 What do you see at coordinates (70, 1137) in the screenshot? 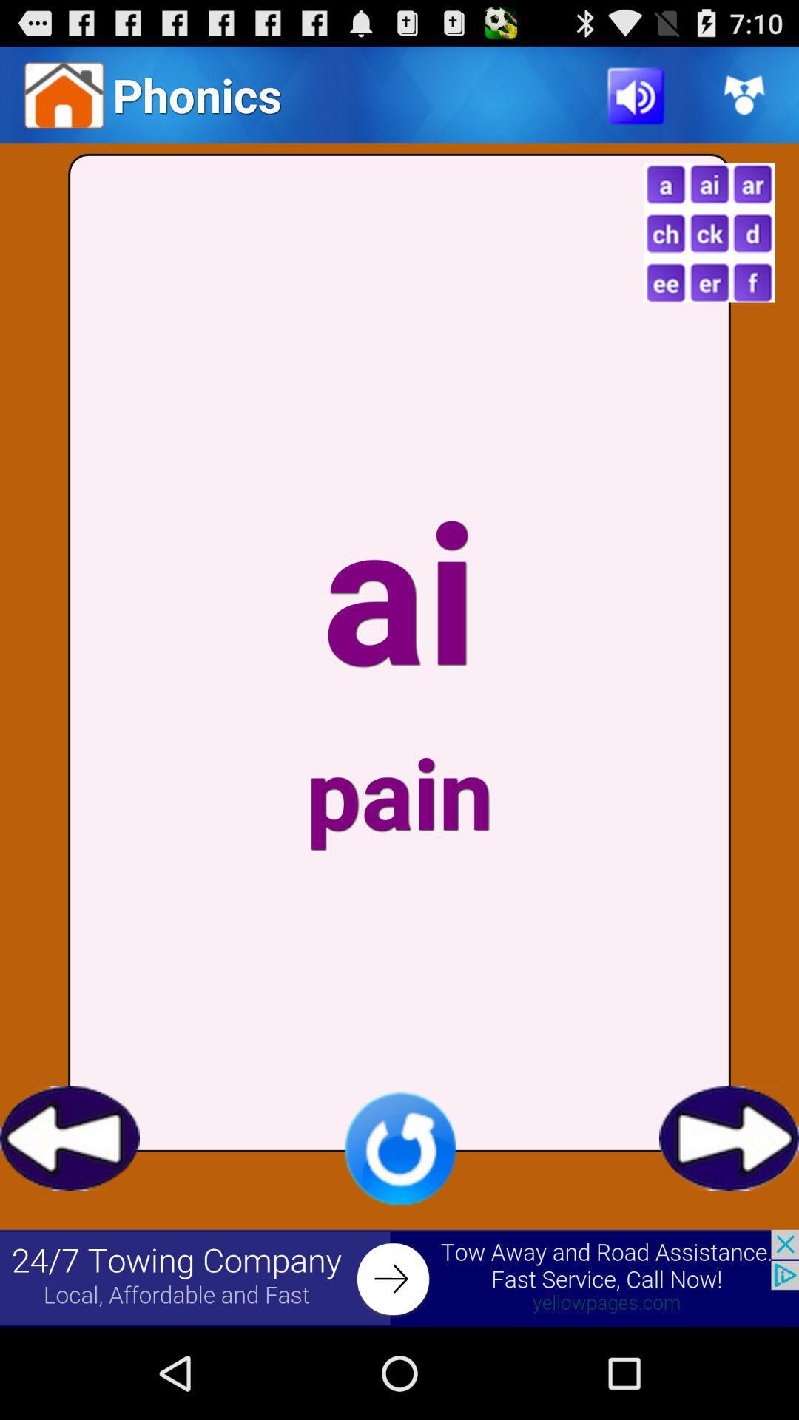
I see `return` at bounding box center [70, 1137].